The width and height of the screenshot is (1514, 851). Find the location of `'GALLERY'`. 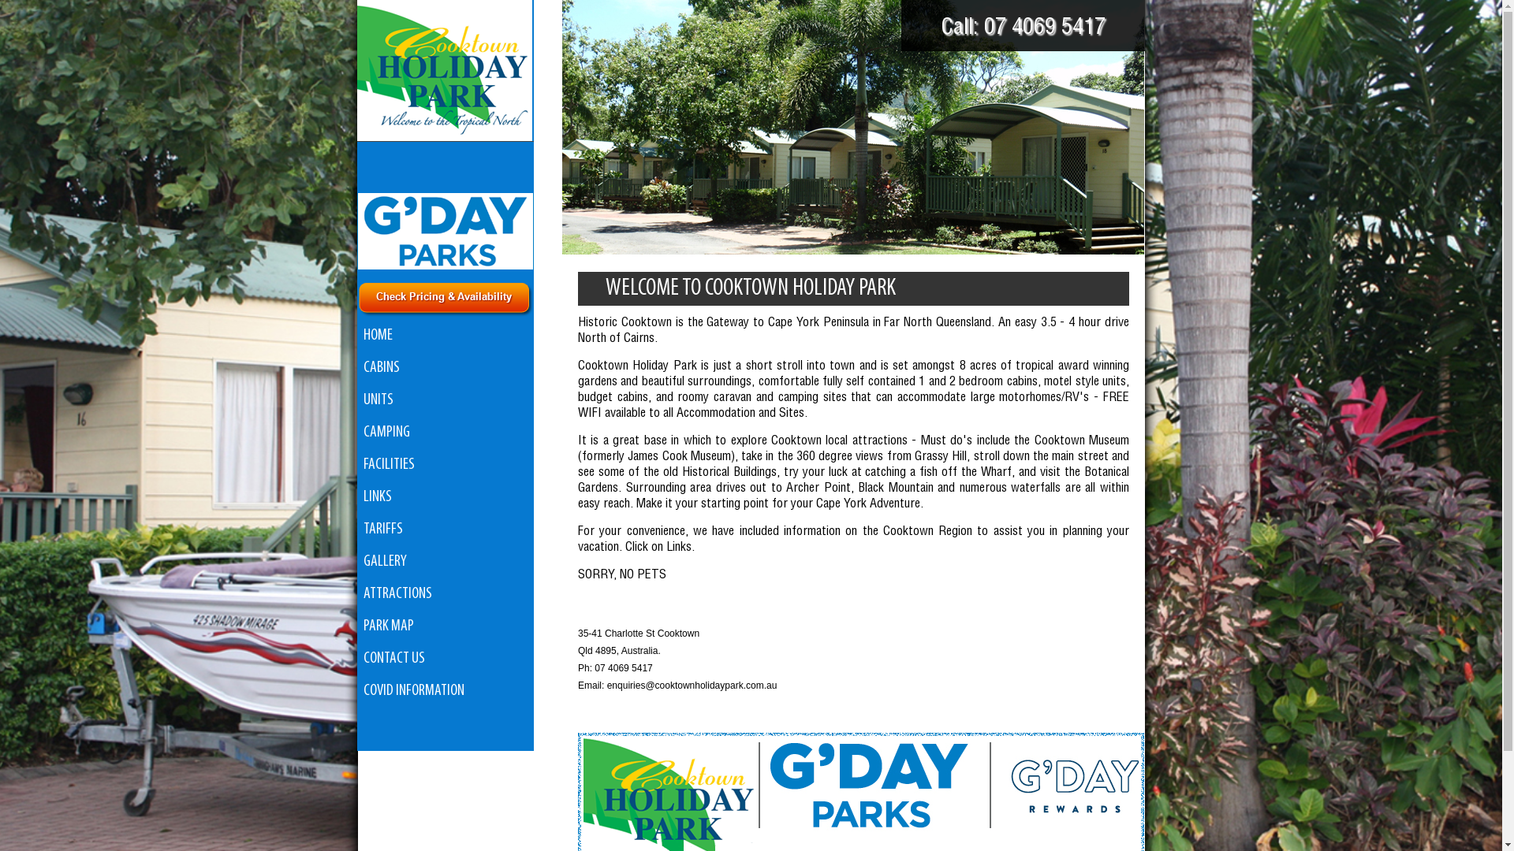

'GALLERY' is located at coordinates (356, 561).